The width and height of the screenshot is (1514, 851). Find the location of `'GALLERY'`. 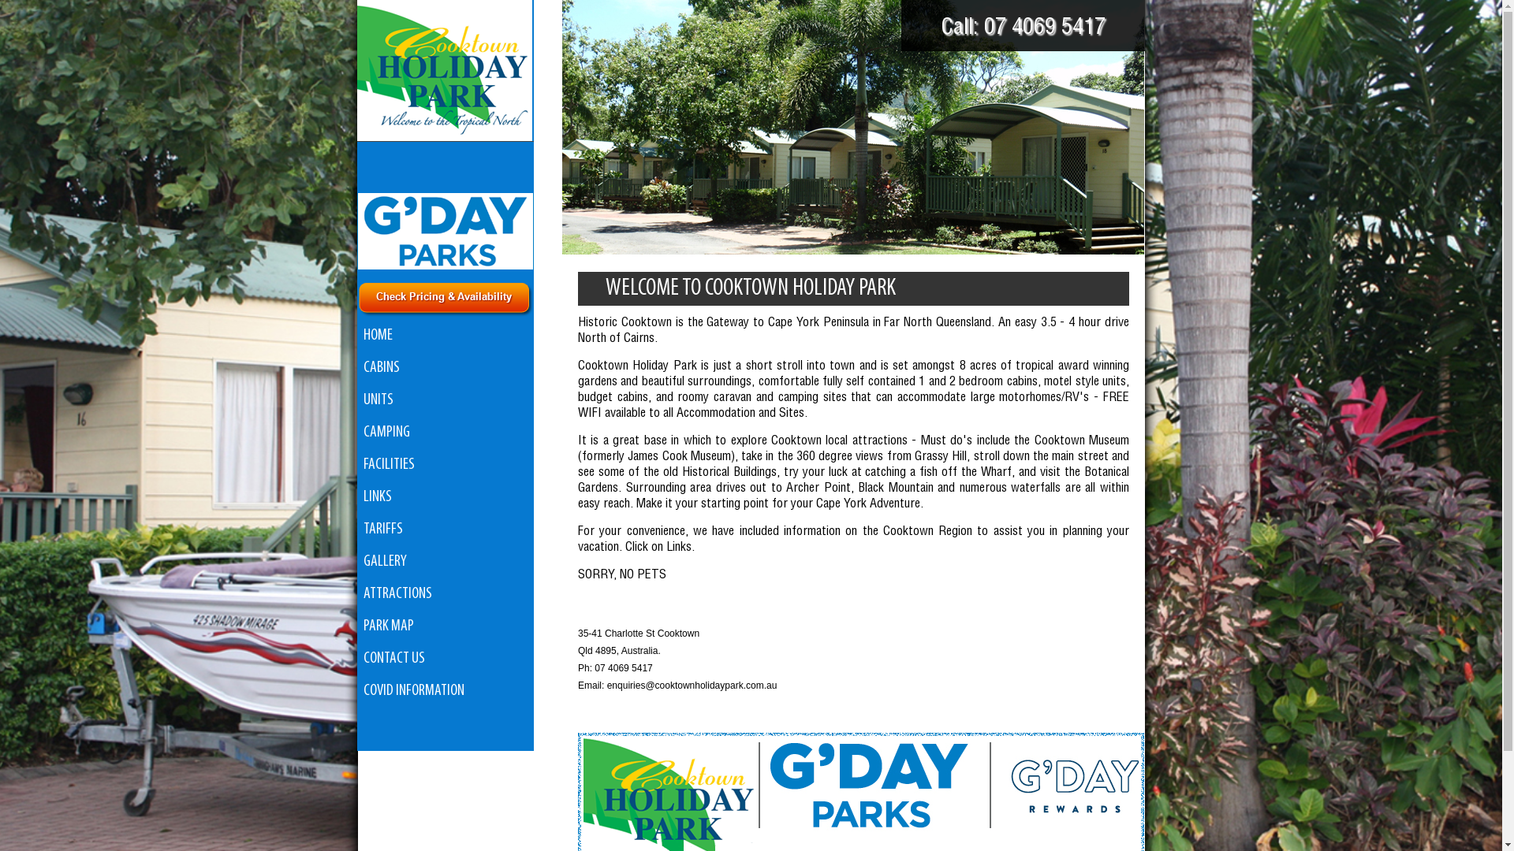

'GALLERY' is located at coordinates (356, 561).